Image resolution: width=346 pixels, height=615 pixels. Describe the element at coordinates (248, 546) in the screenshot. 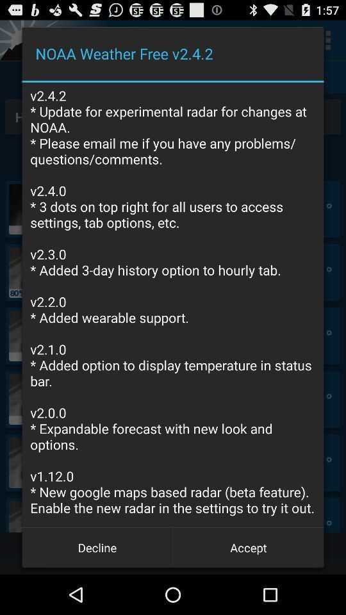

I see `the button at the bottom right corner` at that location.